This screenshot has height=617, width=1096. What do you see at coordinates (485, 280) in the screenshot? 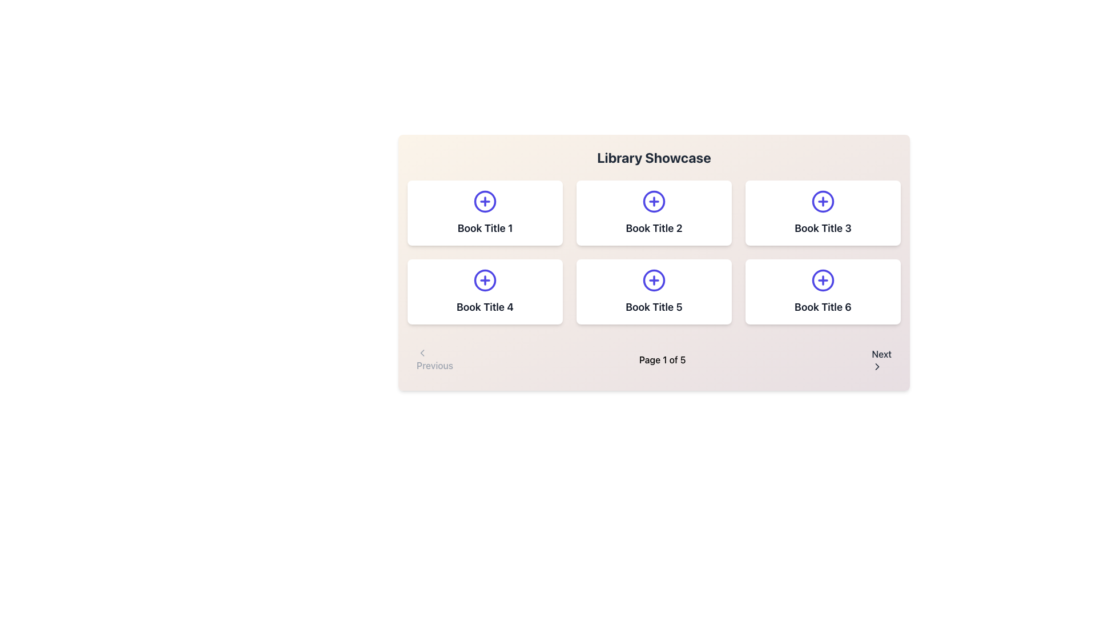
I see `the add button icon located at the center of the card for 'Book Title 4'` at bounding box center [485, 280].